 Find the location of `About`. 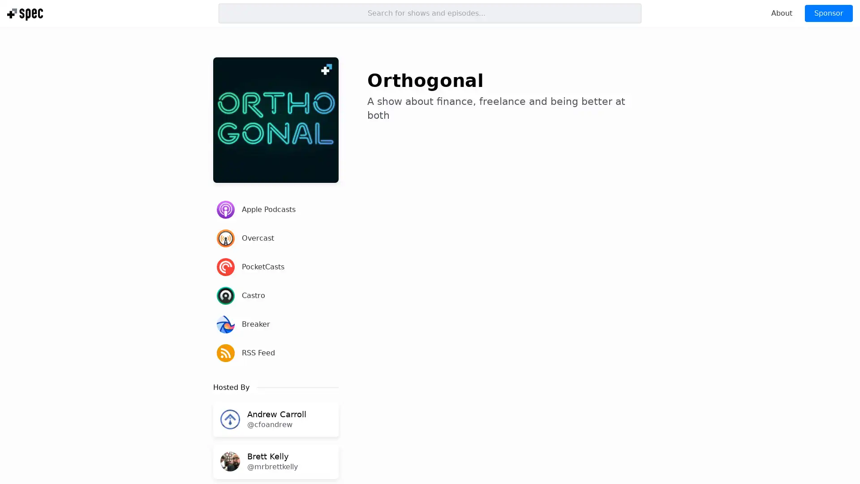

About is located at coordinates (781, 17).